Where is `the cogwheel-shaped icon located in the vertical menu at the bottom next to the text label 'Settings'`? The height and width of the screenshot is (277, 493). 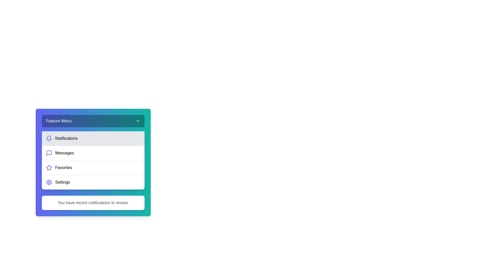 the cogwheel-shaped icon located in the vertical menu at the bottom next to the text label 'Settings' is located at coordinates (49, 182).